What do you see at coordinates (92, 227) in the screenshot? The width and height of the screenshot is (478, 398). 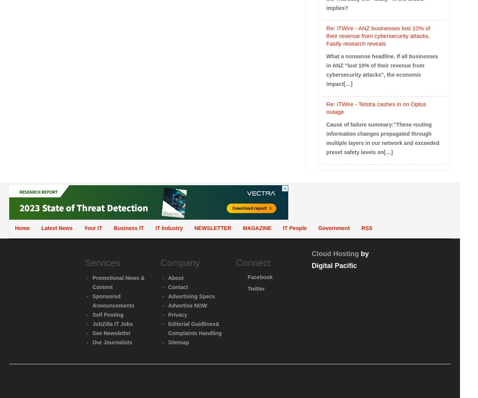 I see `'Your IT'` at bounding box center [92, 227].